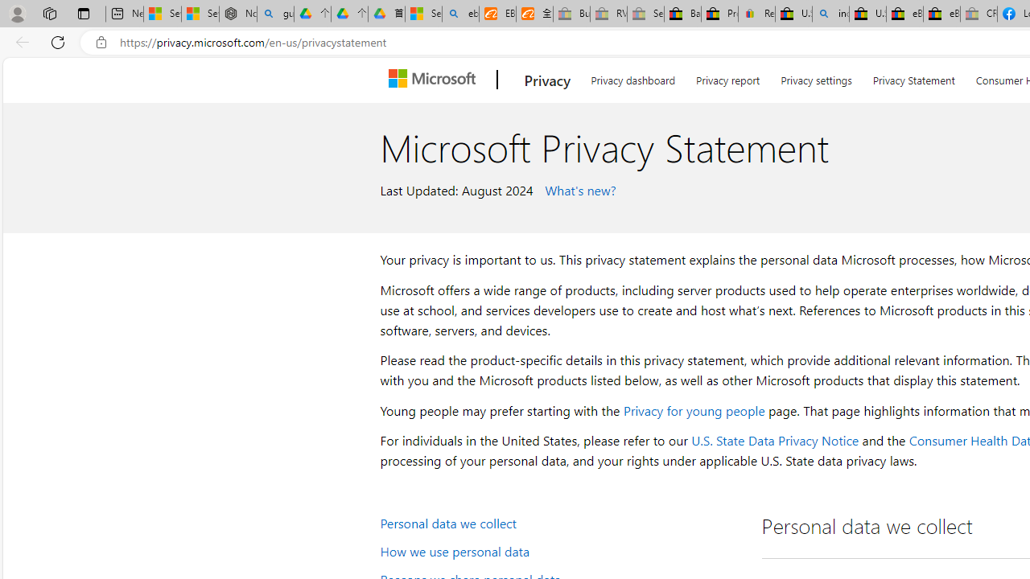 Image resolution: width=1030 pixels, height=579 pixels. Describe the element at coordinates (830, 14) in the screenshot. I see `'including - Search'` at that location.